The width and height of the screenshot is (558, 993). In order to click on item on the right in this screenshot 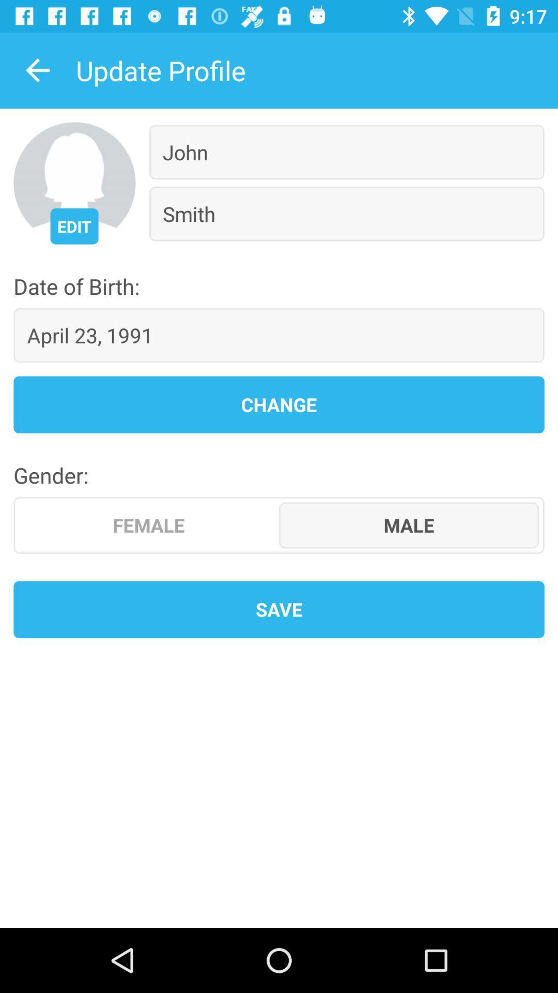, I will do `click(408, 525)`.